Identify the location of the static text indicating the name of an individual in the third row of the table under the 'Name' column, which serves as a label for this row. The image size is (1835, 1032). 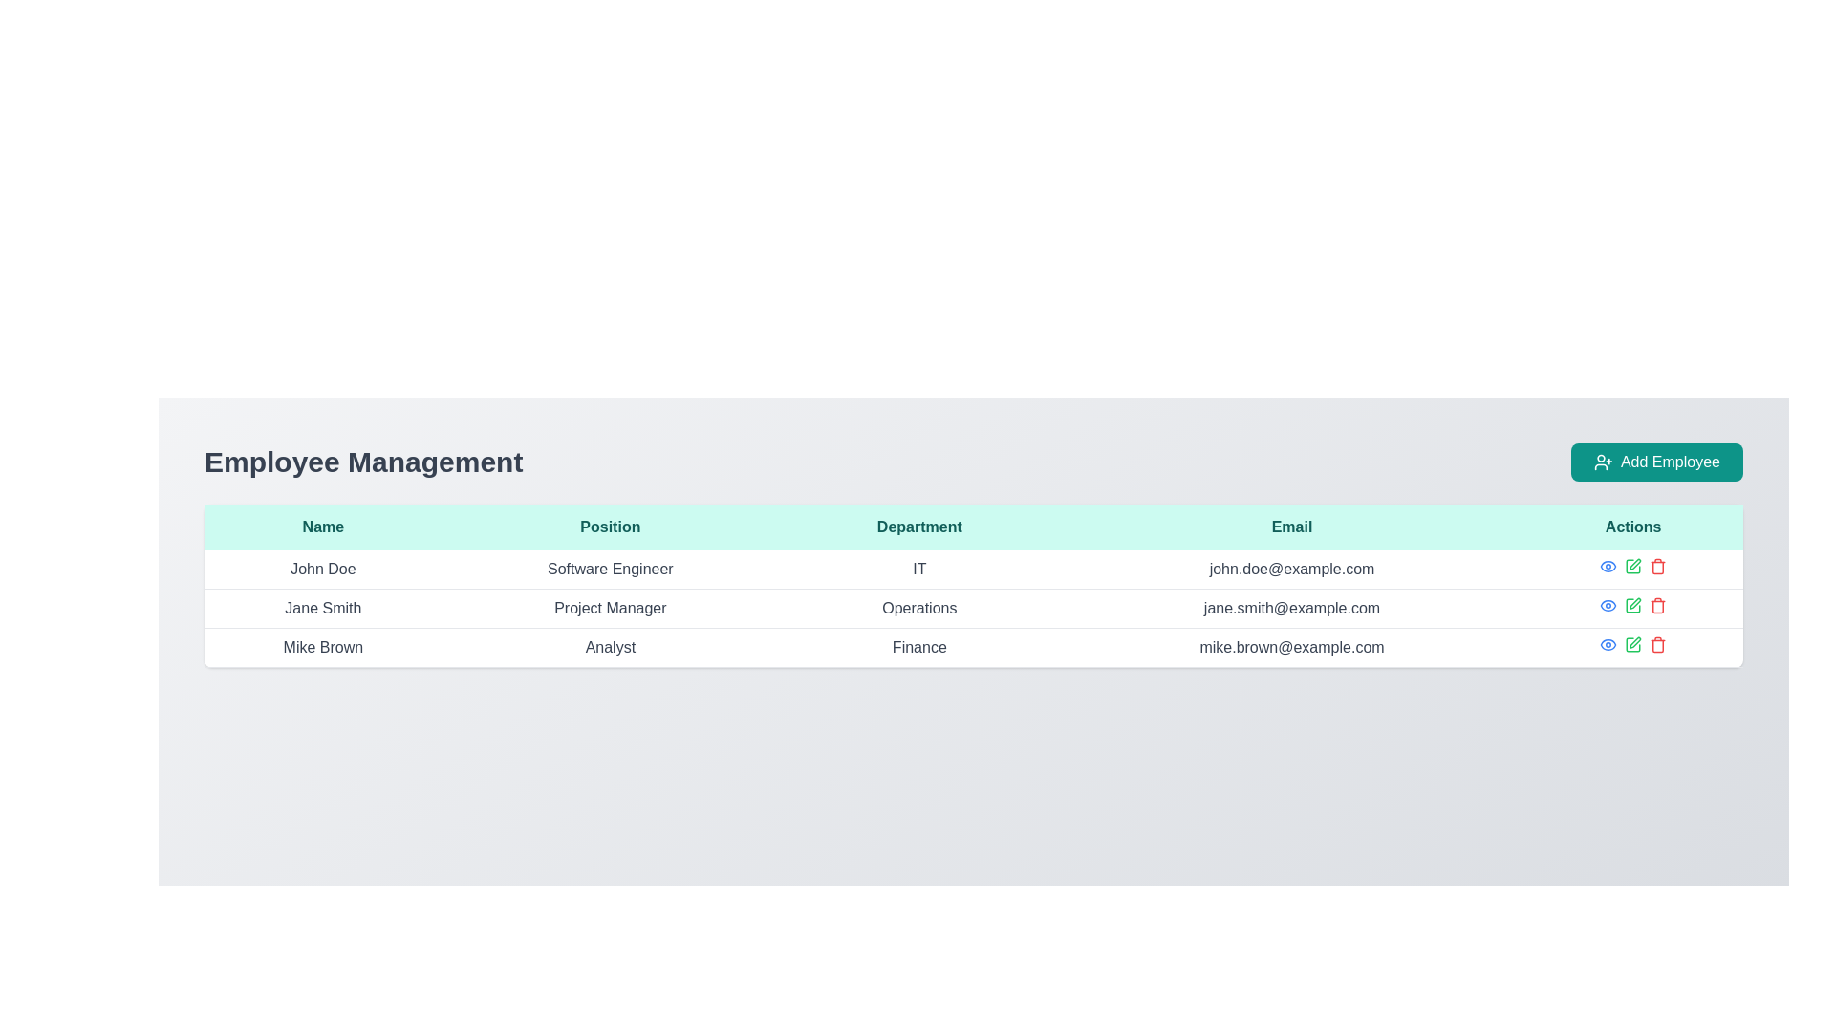
(323, 647).